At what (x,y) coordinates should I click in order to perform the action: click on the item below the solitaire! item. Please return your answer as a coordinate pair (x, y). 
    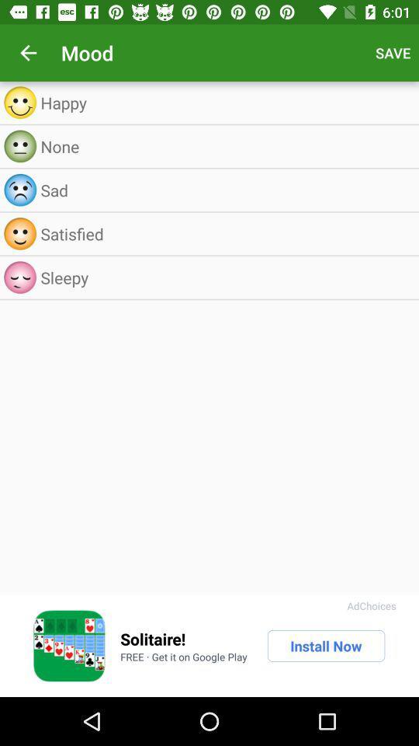
    Looking at the image, I should click on (184, 656).